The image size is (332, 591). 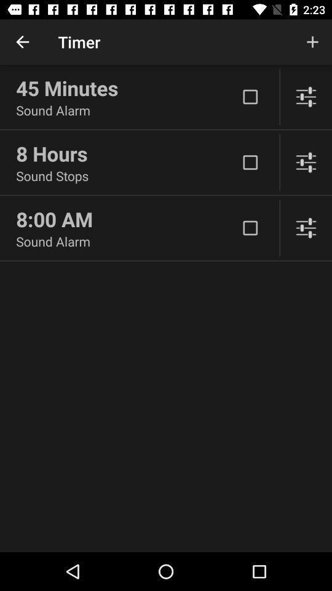 I want to click on item above the sound alarm icon, so click(x=126, y=87).